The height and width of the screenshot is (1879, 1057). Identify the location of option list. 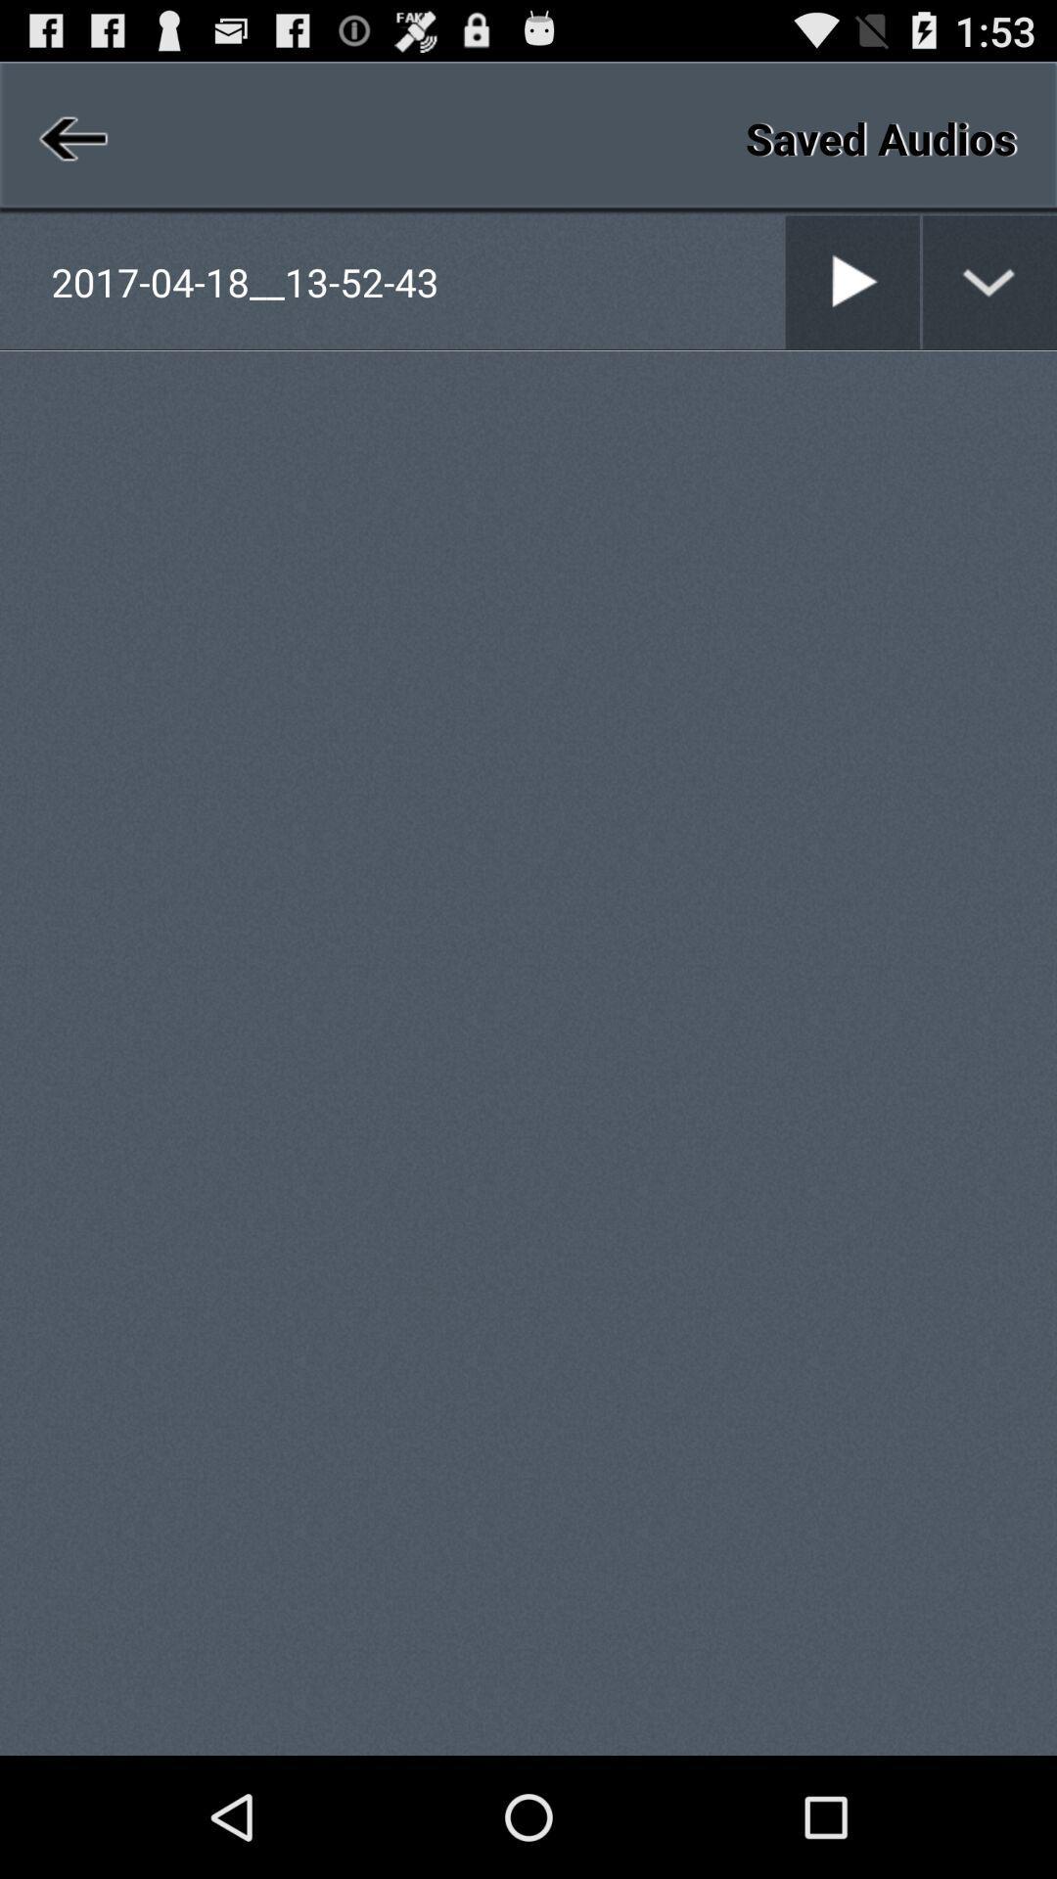
(989, 281).